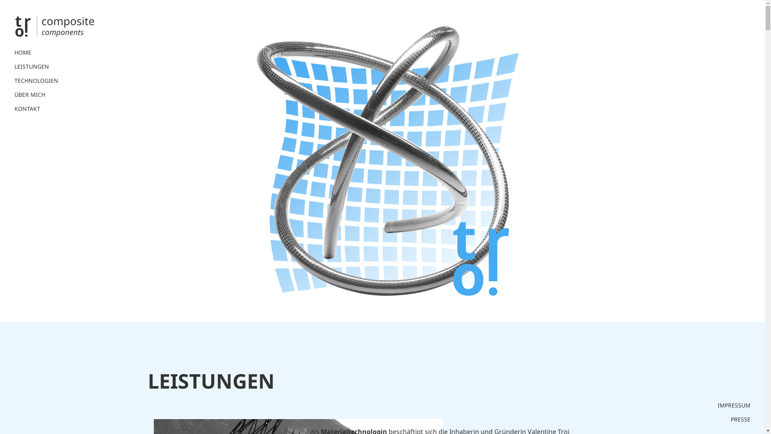 The image size is (771, 434). What do you see at coordinates (40, 80) in the screenshot?
I see `'TECHNOLOGIEN'` at bounding box center [40, 80].